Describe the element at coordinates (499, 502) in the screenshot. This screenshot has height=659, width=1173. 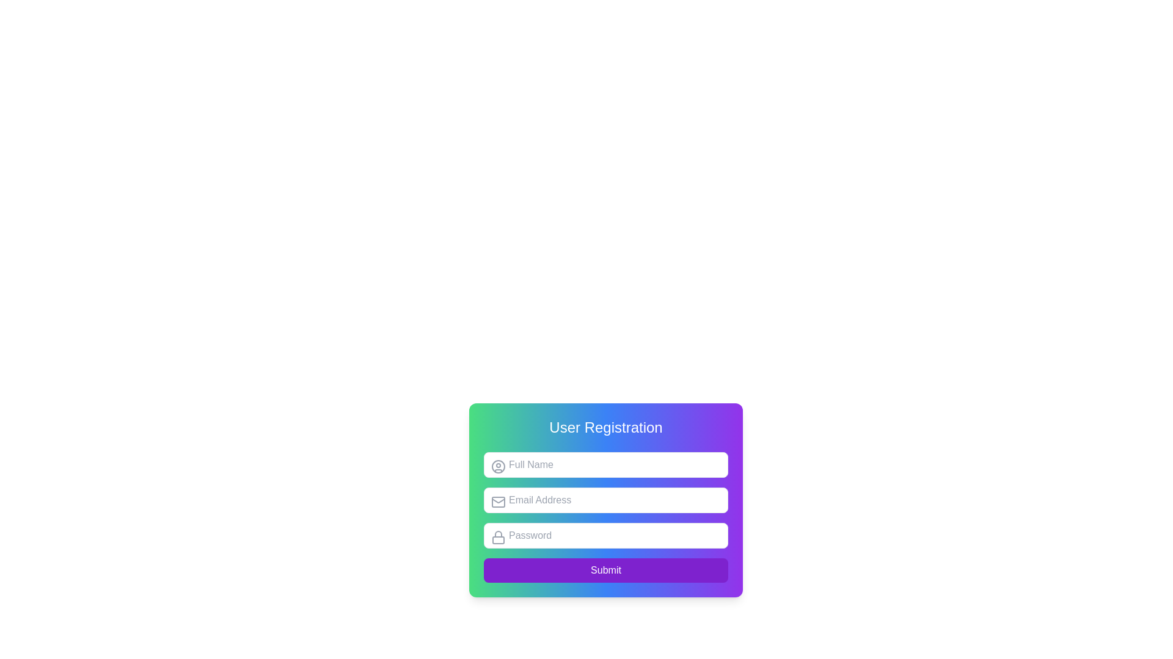
I see `the mail icon, which is styled as a rounded rectangle envelope with a flap and located at the top-left corner of the email input field` at that location.